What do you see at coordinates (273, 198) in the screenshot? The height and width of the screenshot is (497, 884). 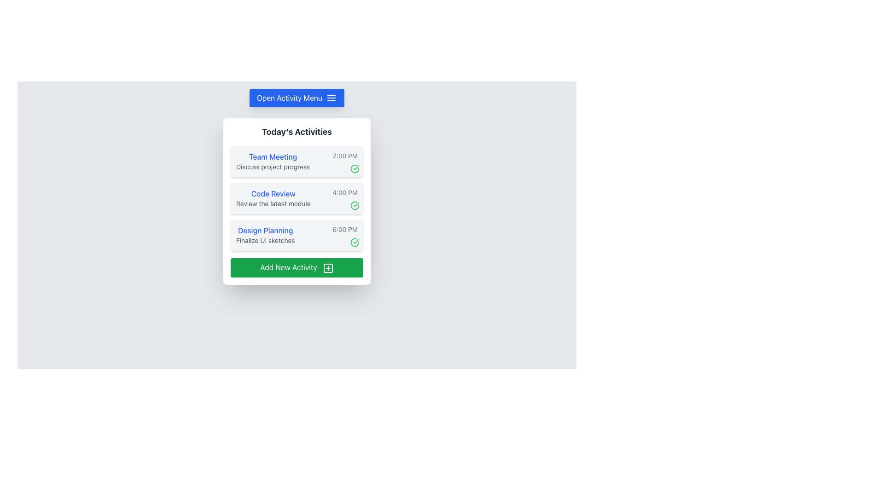 I see `to select or interact with the Text block titled 'Code Review' which is the second entry in the list of activities, styled with a bold blue title and a smaller gray subtitle` at bounding box center [273, 198].